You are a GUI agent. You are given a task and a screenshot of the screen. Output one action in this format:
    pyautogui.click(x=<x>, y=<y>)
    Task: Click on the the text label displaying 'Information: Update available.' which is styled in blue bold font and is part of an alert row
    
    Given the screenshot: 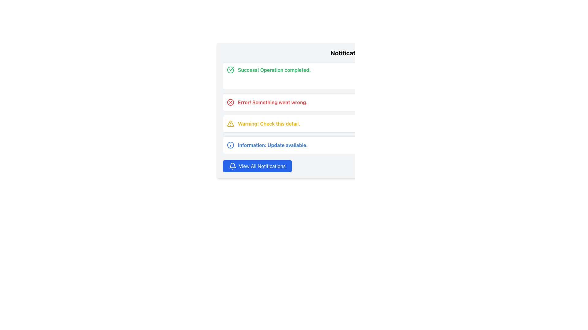 What is the action you would take?
    pyautogui.click(x=272, y=145)
    